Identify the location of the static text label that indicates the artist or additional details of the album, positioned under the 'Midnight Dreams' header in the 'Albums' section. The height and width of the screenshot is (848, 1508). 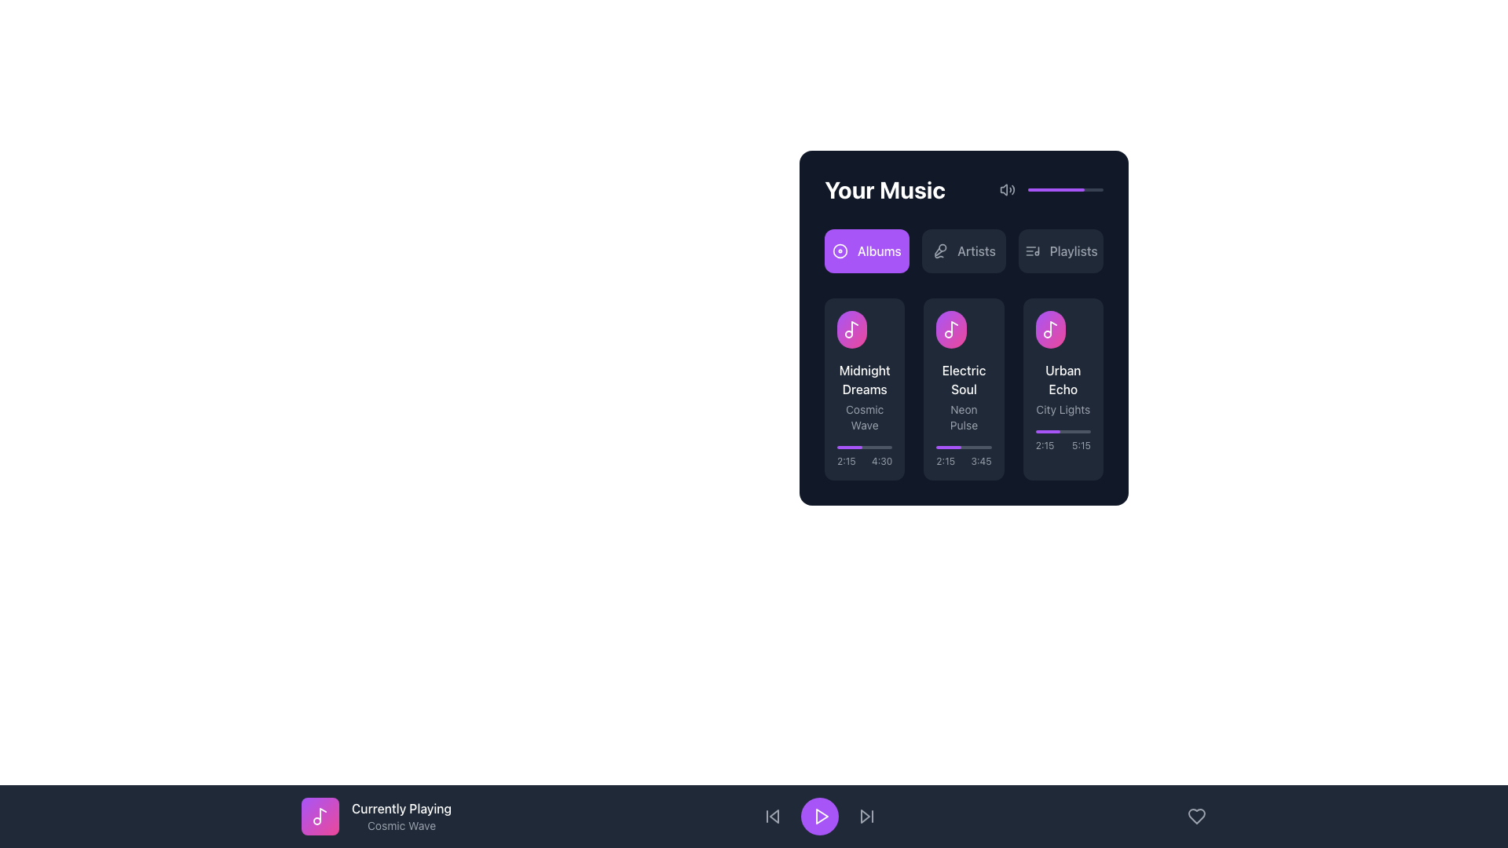
(864, 417).